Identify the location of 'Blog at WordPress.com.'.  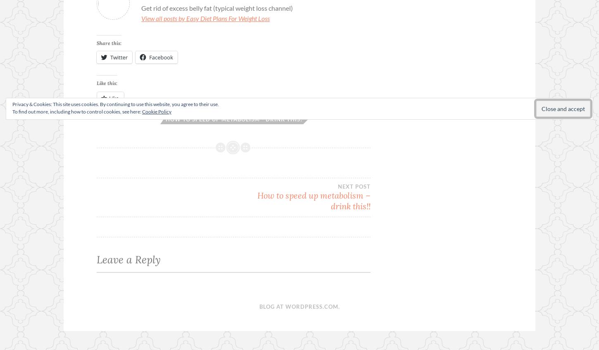
(299, 306).